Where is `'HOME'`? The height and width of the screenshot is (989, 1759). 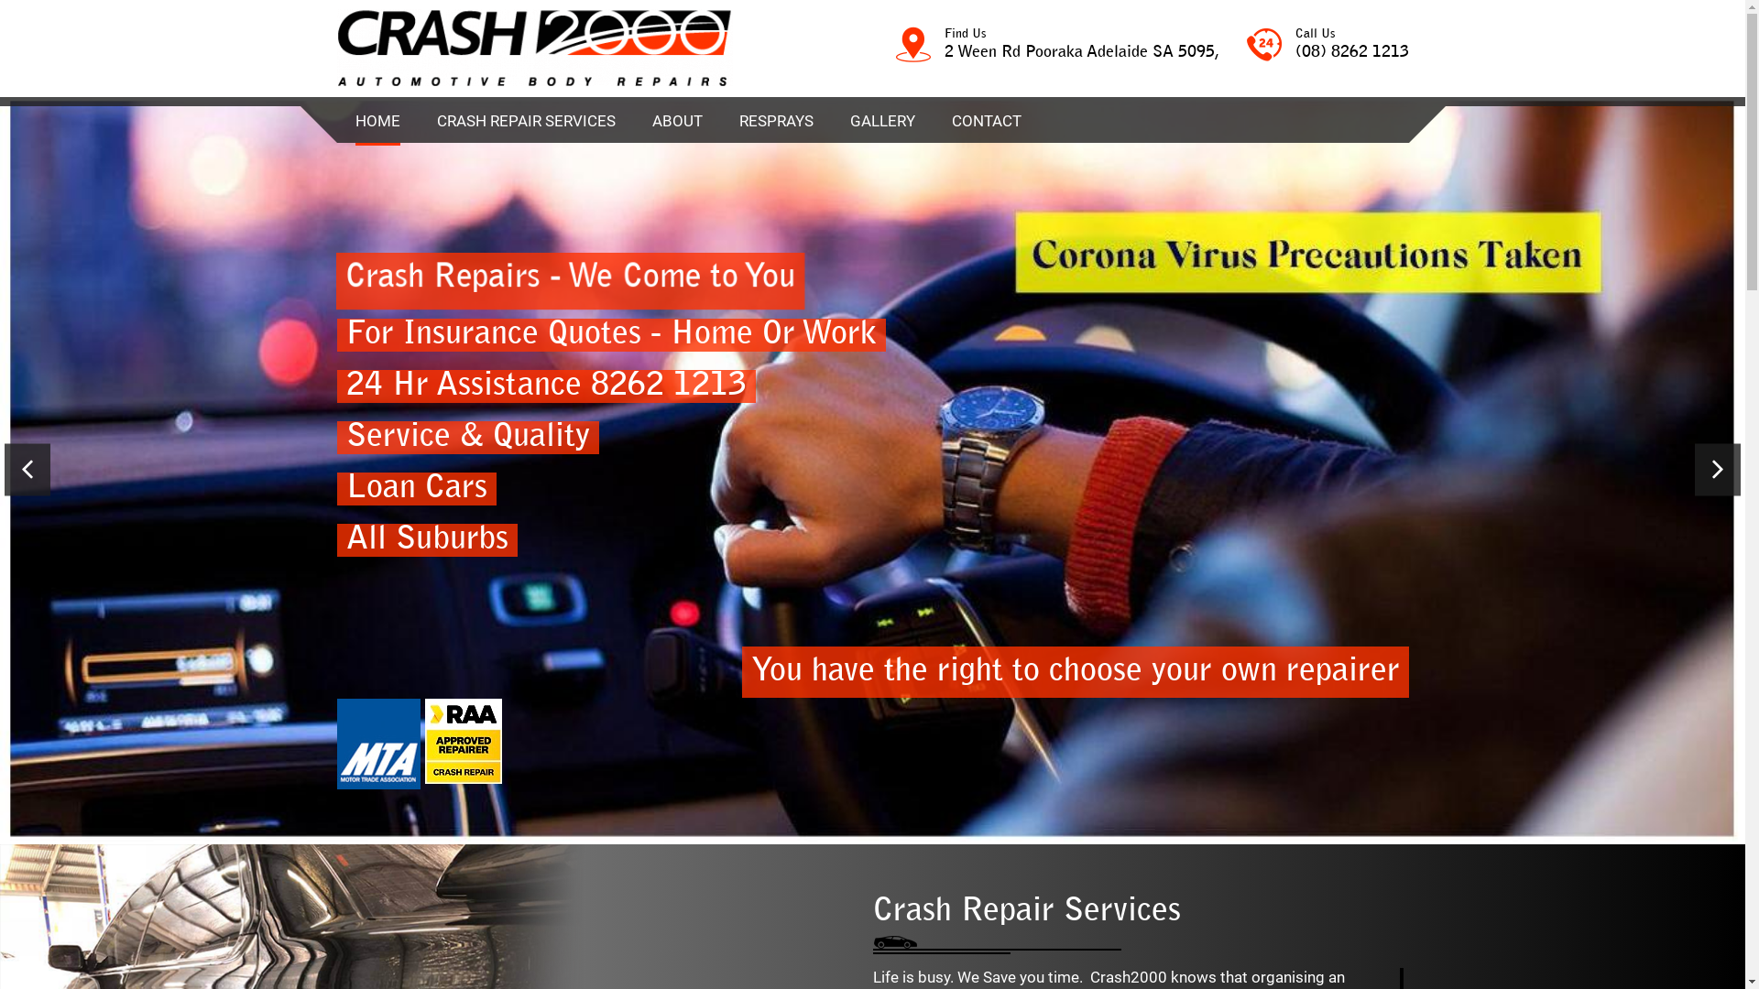 'HOME' is located at coordinates (377, 122).